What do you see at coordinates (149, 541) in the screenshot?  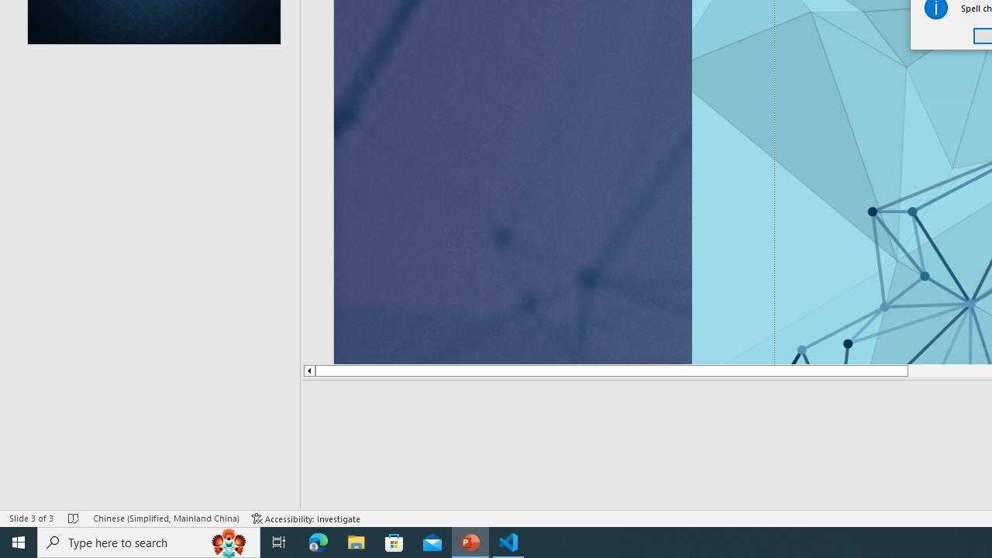 I see `'Type here to search'` at bounding box center [149, 541].